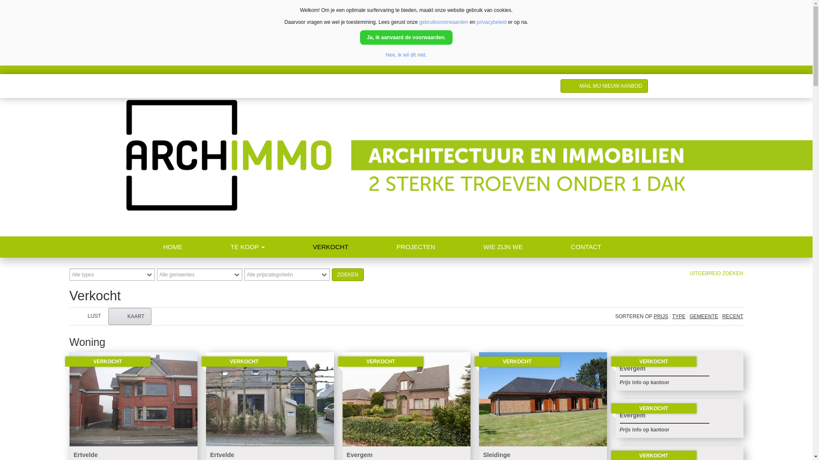  Describe the element at coordinates (88, 316) in the screenshot. I see `'LIJST'` at that location.